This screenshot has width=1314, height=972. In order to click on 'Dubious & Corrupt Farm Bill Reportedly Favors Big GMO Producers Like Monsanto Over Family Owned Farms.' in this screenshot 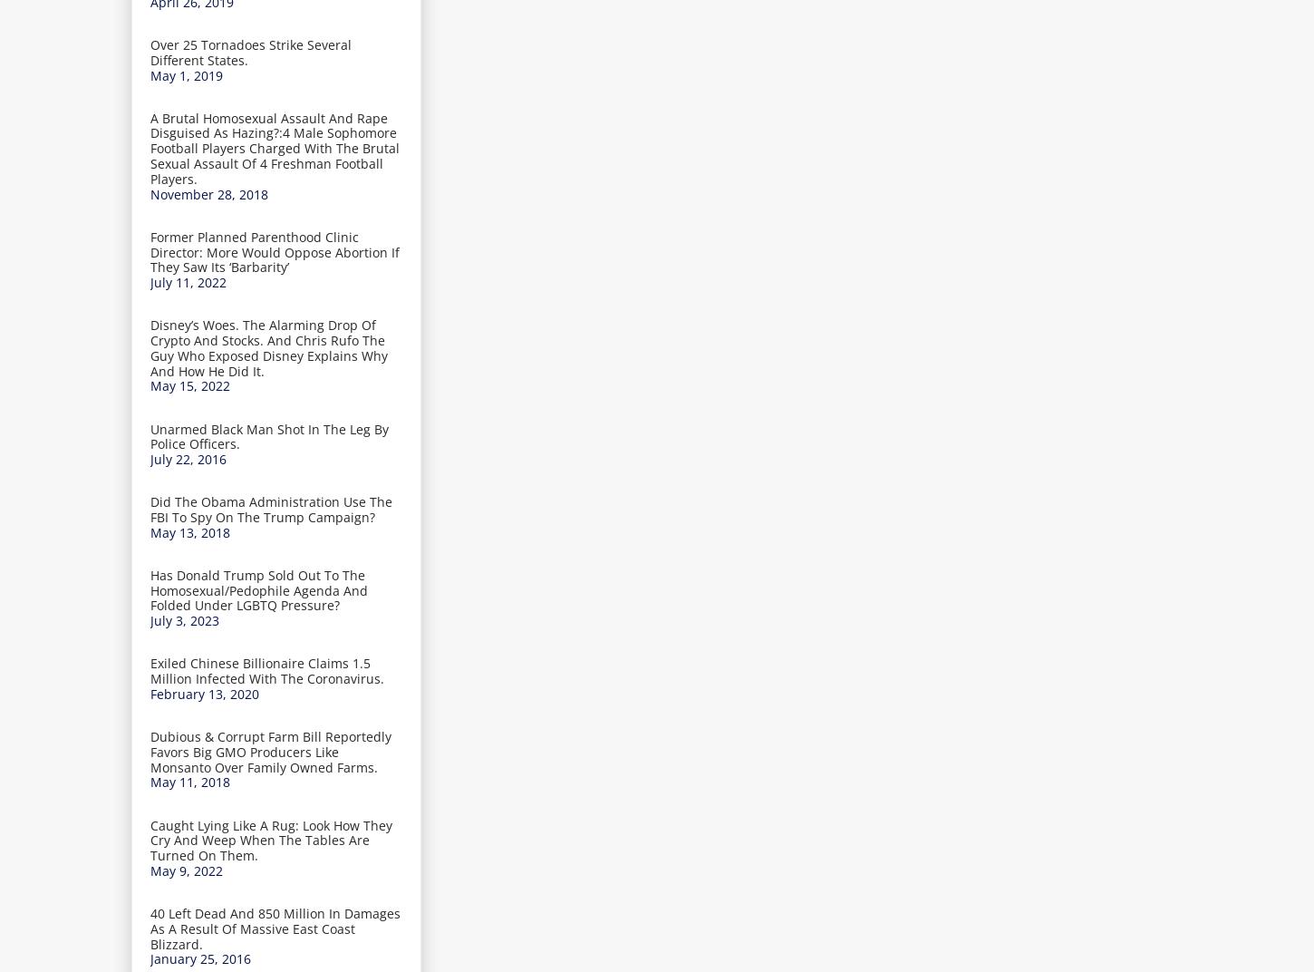, I will do `click(270, 750)`.